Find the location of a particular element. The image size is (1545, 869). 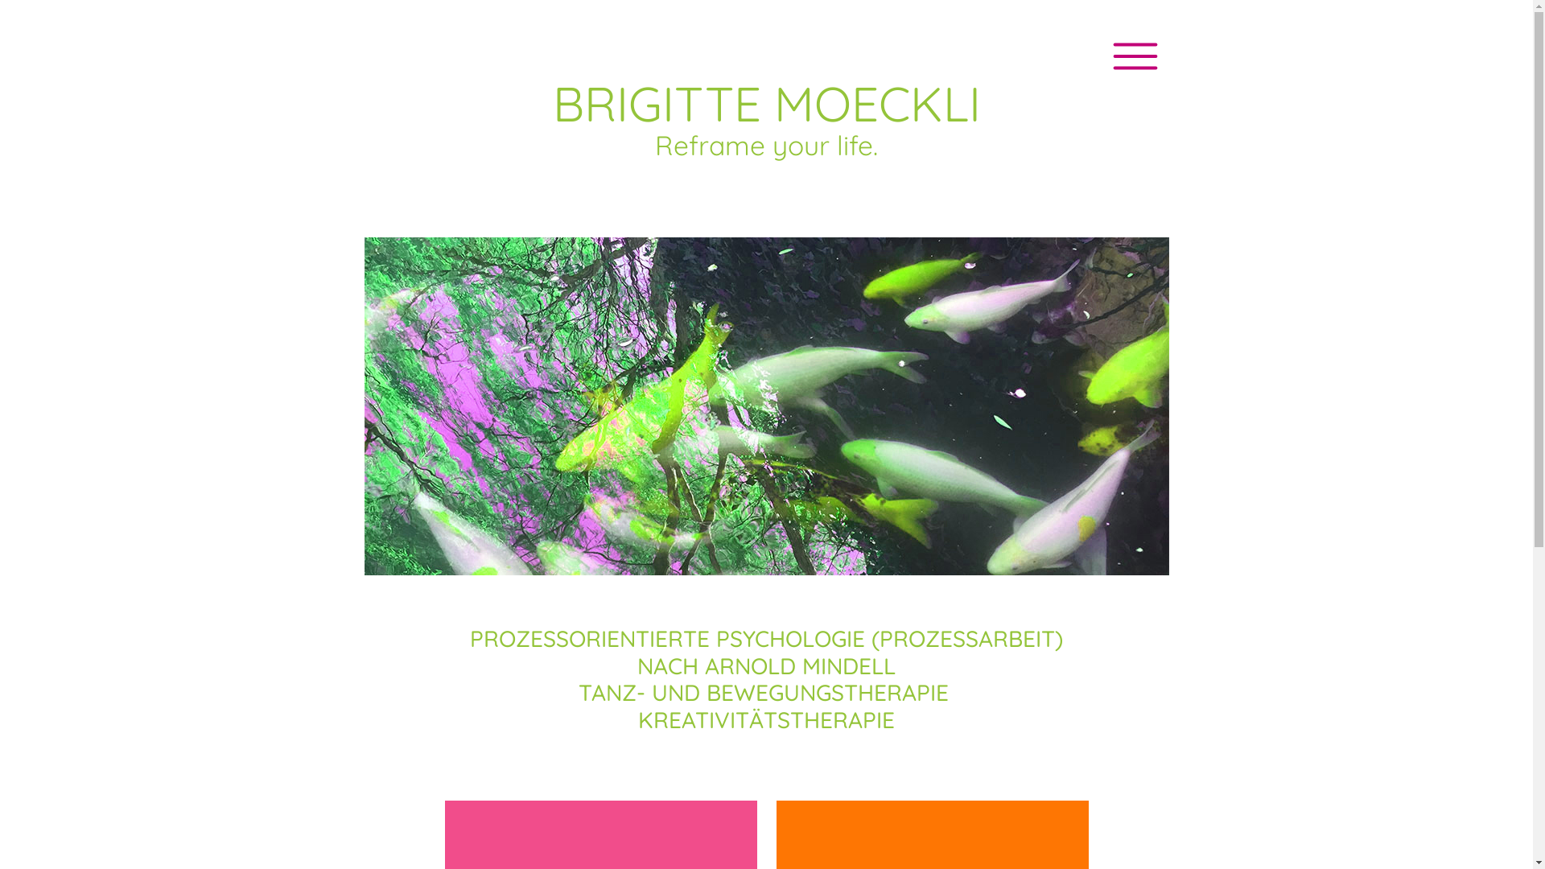

'BRIGITTE MOECKLI' is located at coordinates (764, 103).